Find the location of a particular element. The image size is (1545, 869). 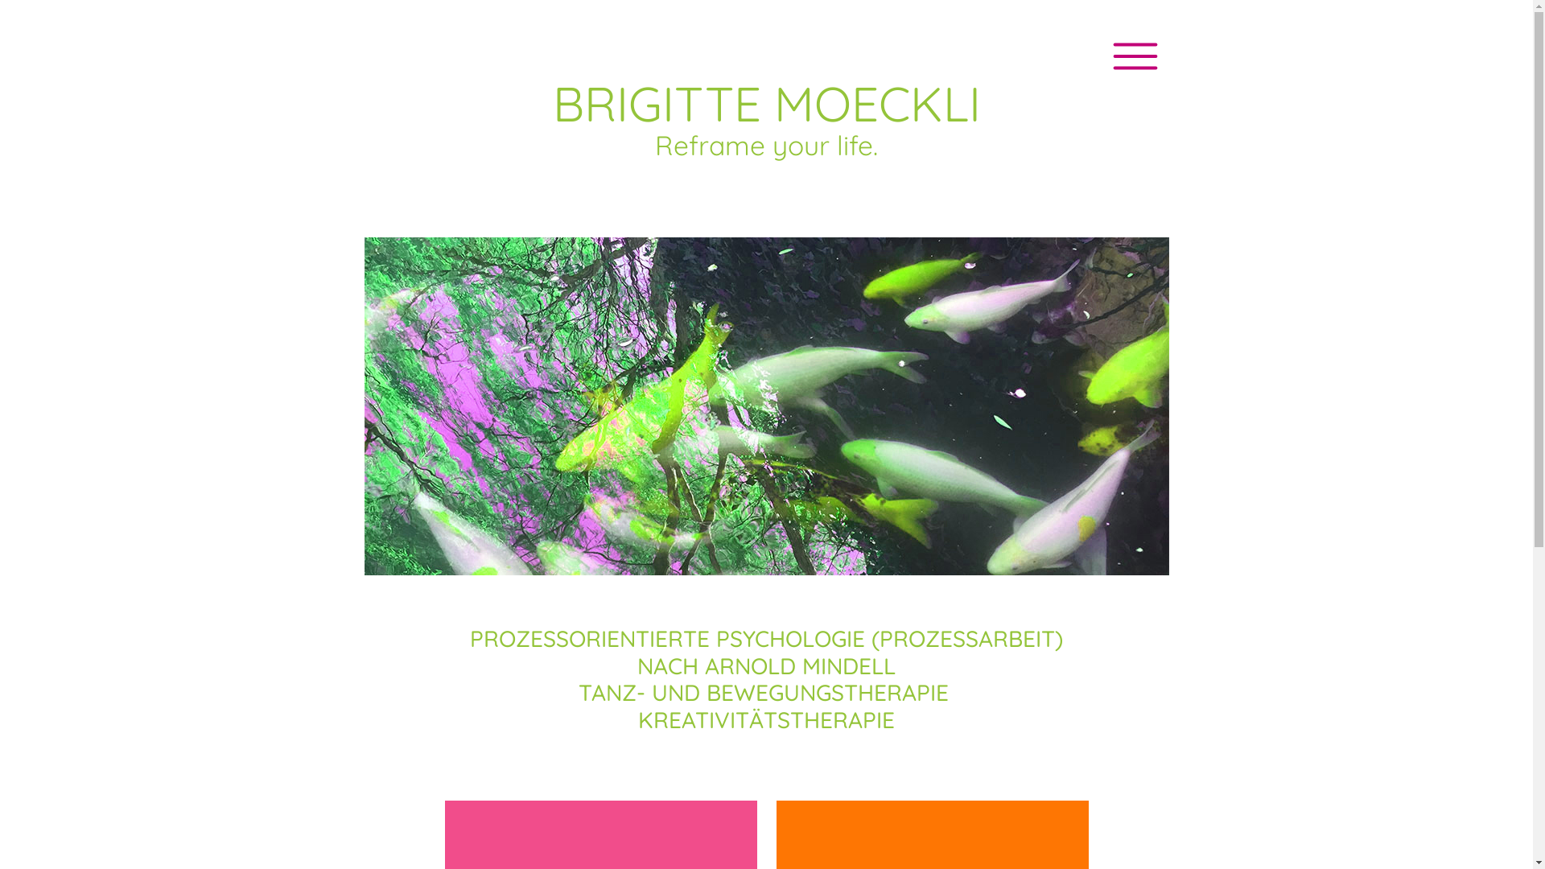

'BRIGITTE MOECKLI' is located at coordinates (764, 103).